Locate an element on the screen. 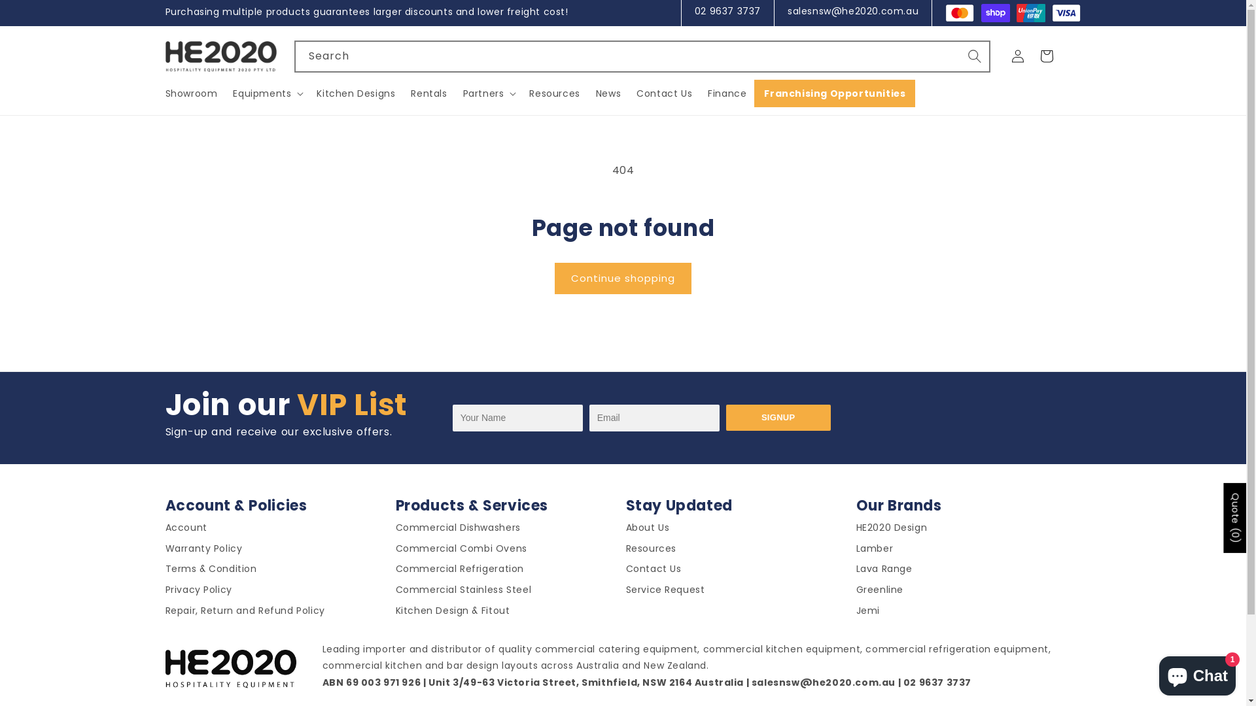 The image size is (1256, 706). 'salesnsw@he2020.com.au' is located at coordinates (853, 10).